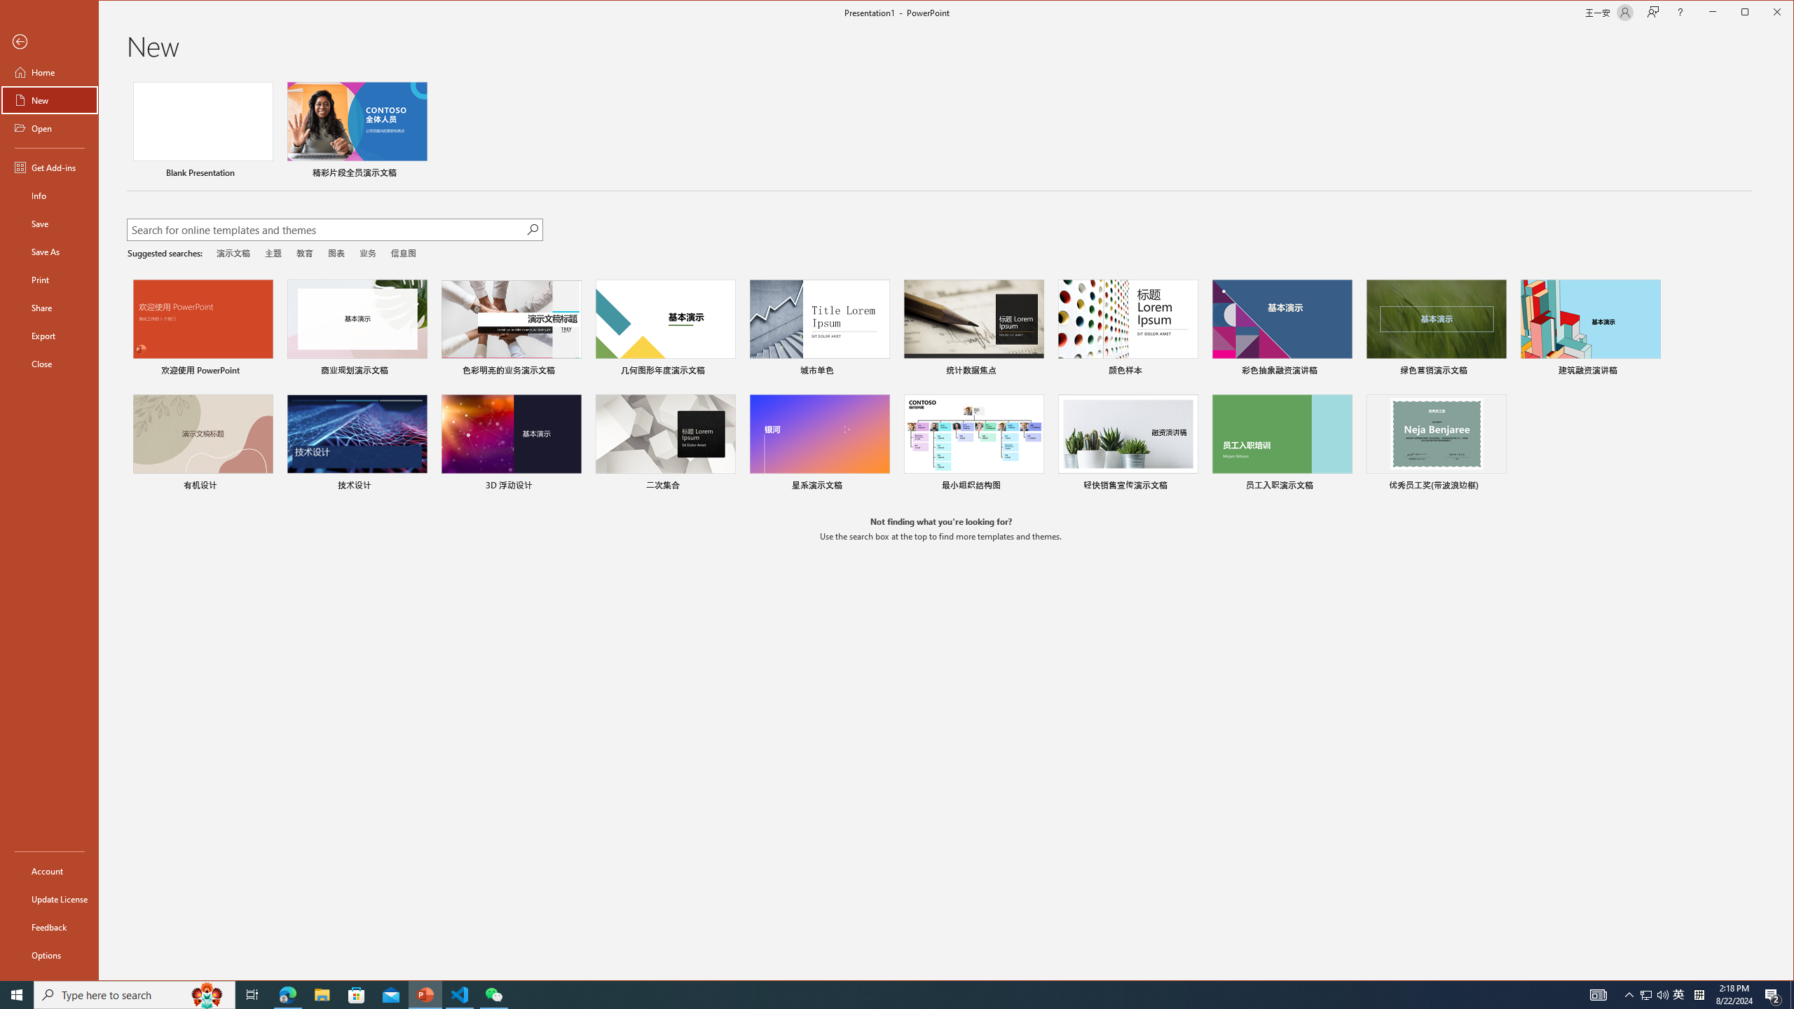  What do you see at coordinates (203, 131) in the screenshot?
I see `'Blank Presentation'` at bounding box center [203, 131].